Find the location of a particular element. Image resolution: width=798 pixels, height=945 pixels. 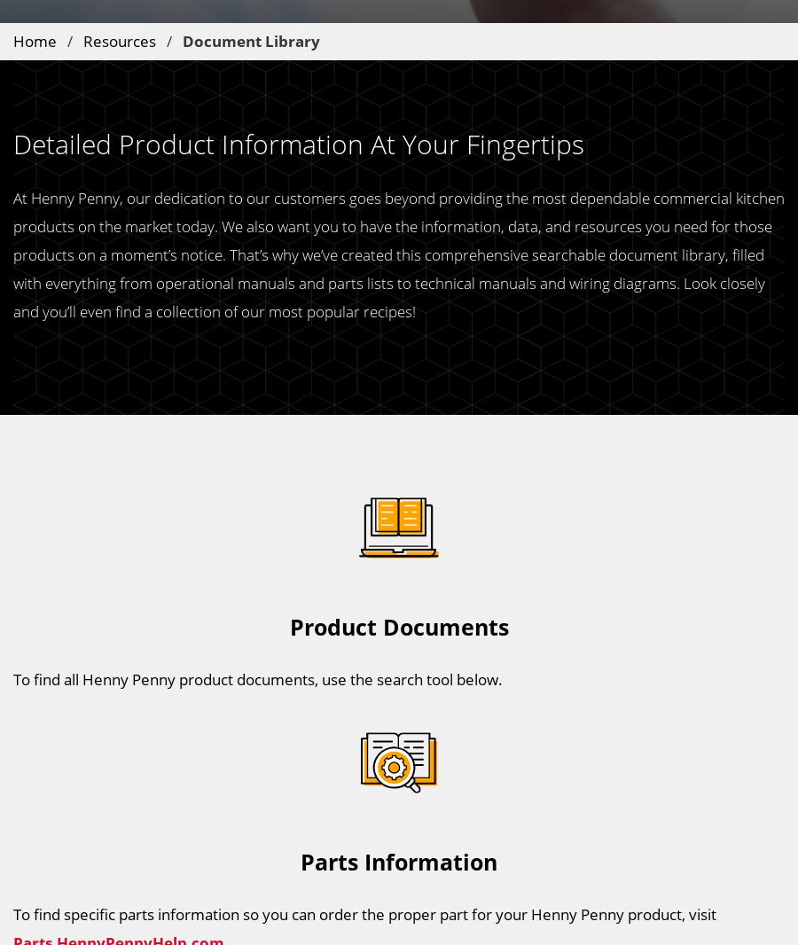

'At Henny Penny, our dedication to our customers goes beyond providing the most dependable commercial kitchen products on the market today. We also want you to have the information, data, and resources you need for those products on a moment’s notice. That’s why we’ve created this comprehensive searchable document library, filled with everything from operational manuals and parts lists to technical manuals and wiring diagrams. Look closely and you’ll even find a collection of our most popular recipes!' is located at coordinates (399, 254).